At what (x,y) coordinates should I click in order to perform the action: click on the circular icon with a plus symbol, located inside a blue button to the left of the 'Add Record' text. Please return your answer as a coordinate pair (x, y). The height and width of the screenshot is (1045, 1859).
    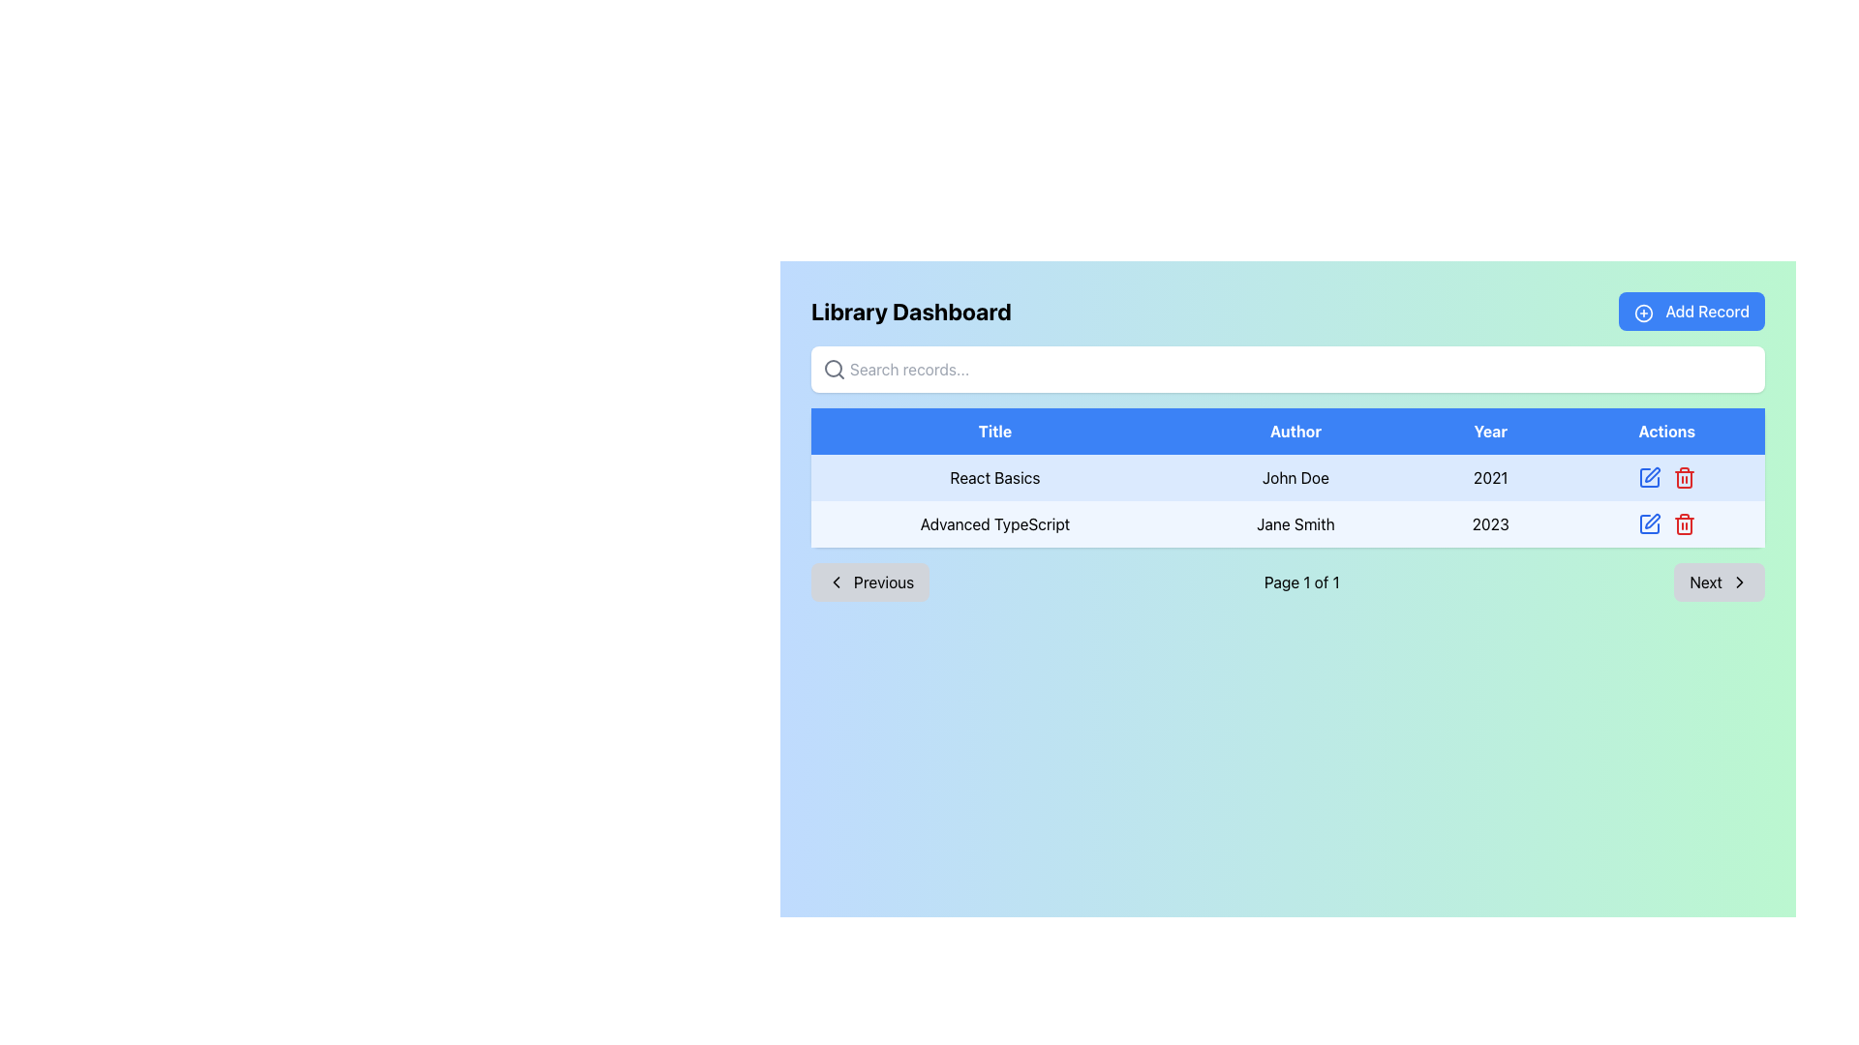
    Looking at the image, I should click on (1643, 312).